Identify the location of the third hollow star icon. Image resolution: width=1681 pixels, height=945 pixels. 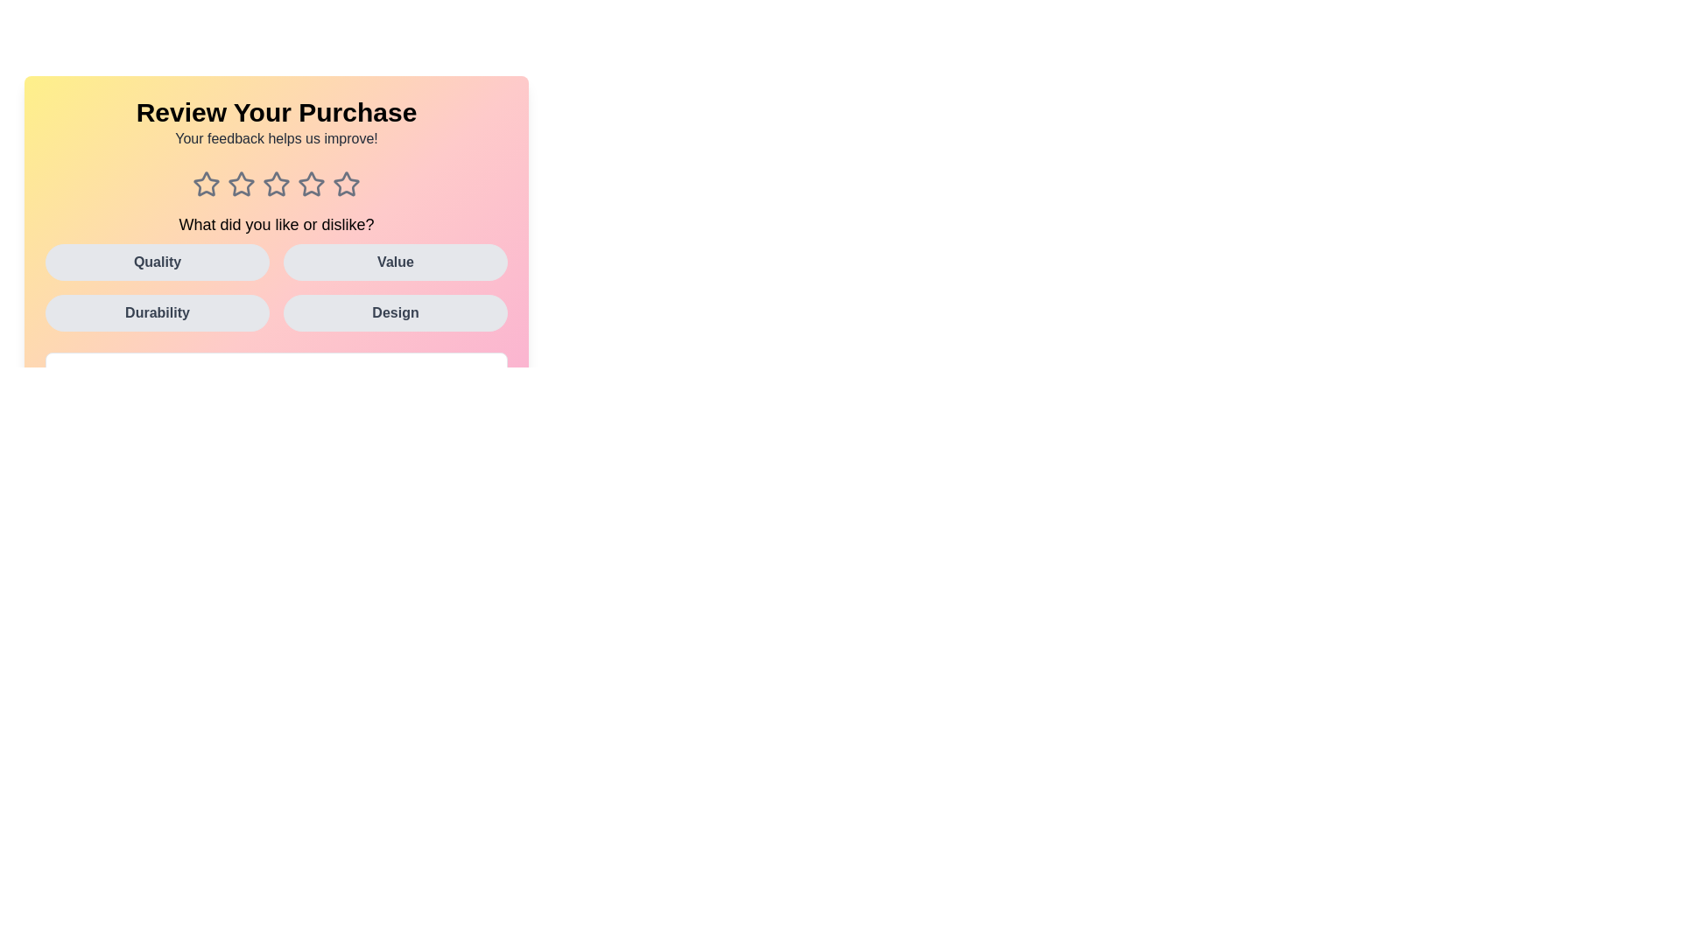
(276, 185).